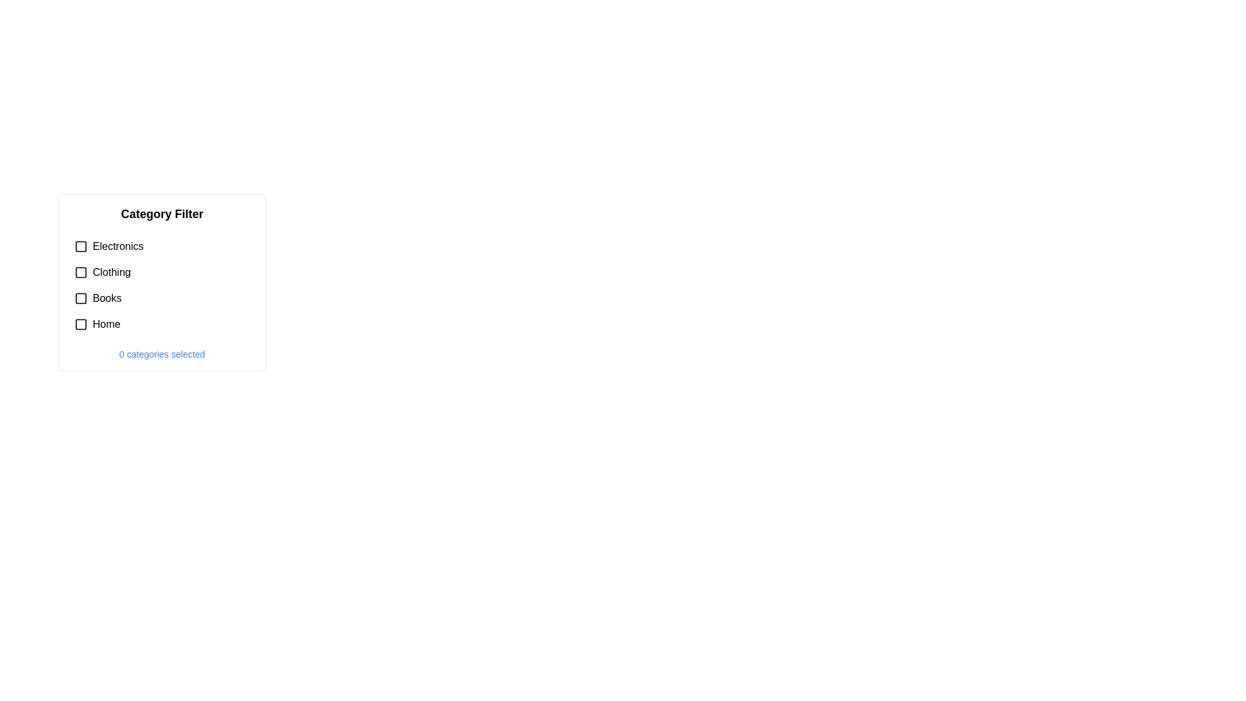  I want to click on the unselected checkbox representing the 'Electronics' category to toggle its selection state, so click(80, 247).